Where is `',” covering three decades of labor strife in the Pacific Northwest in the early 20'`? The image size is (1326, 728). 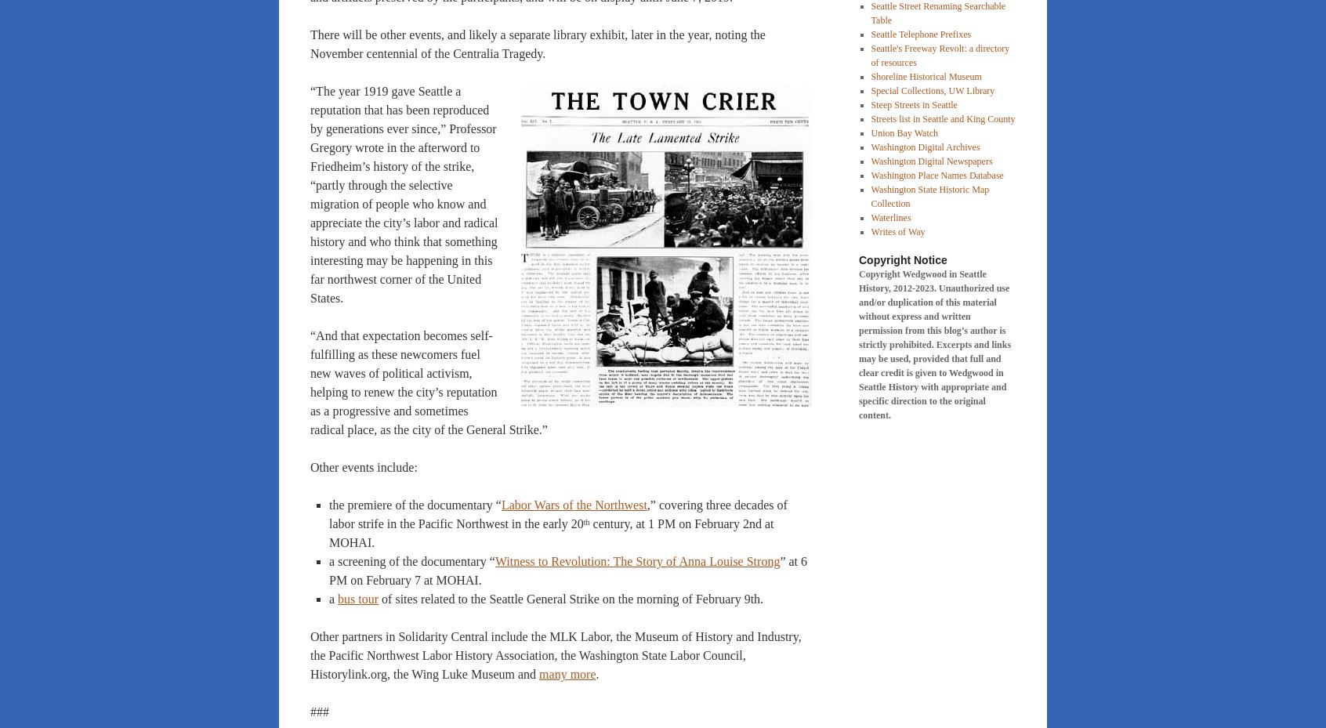
',” covering three decades of labor strife in the Pacific Northwest in the early 20' is located at coordinates (556, 514).